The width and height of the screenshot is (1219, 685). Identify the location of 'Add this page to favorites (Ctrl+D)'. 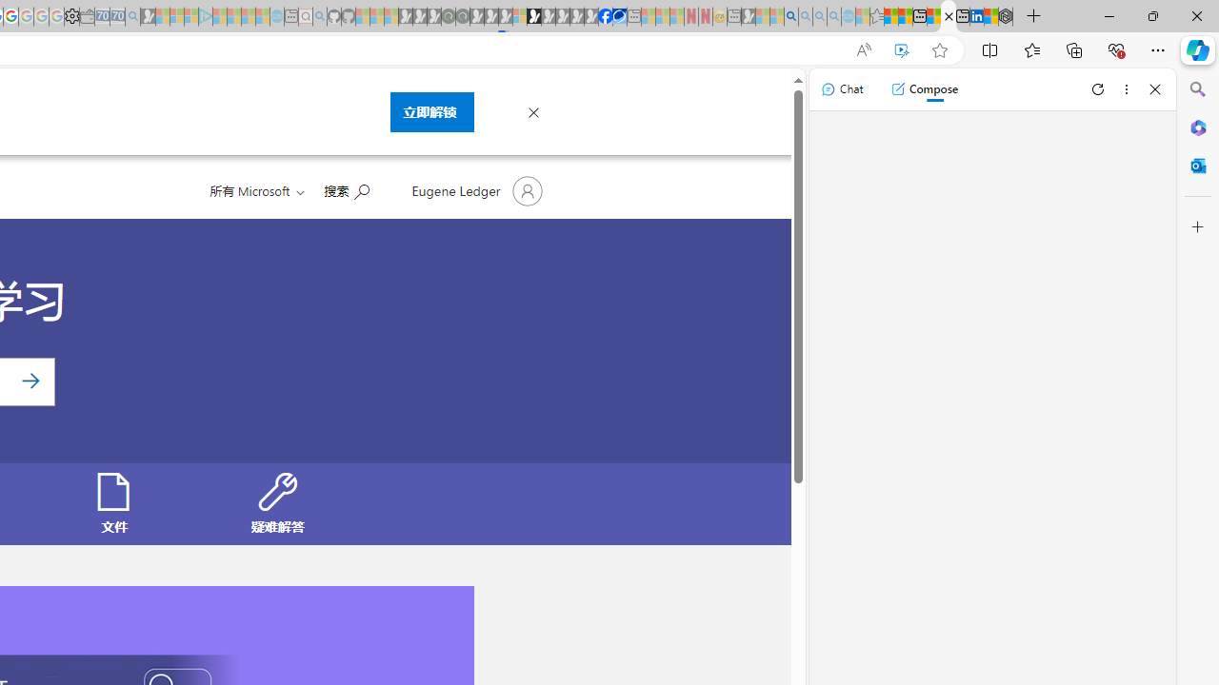
(939, 49).